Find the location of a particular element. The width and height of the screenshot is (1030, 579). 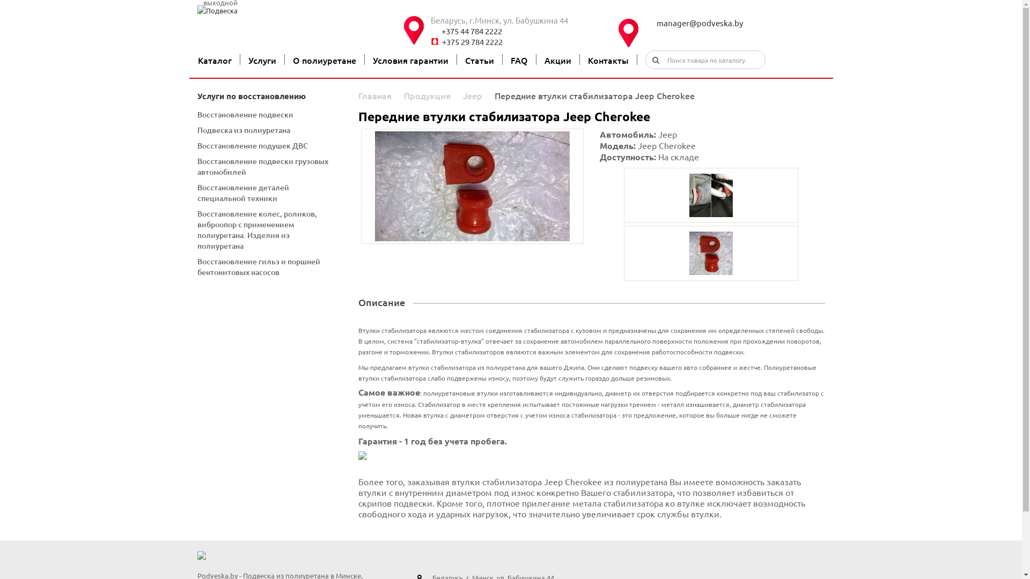

'manager@podveska.by' is located at coordinates (738, 23).